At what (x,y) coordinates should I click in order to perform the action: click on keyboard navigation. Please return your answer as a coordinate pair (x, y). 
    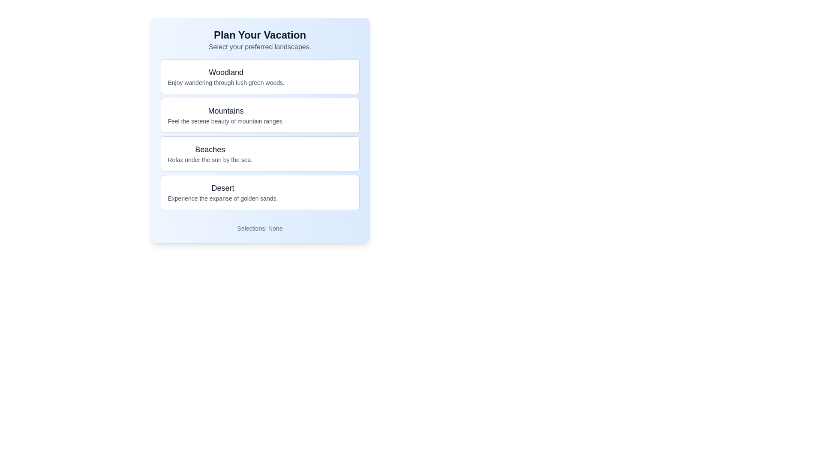
    Looking at the image, I should click on (210, 153).